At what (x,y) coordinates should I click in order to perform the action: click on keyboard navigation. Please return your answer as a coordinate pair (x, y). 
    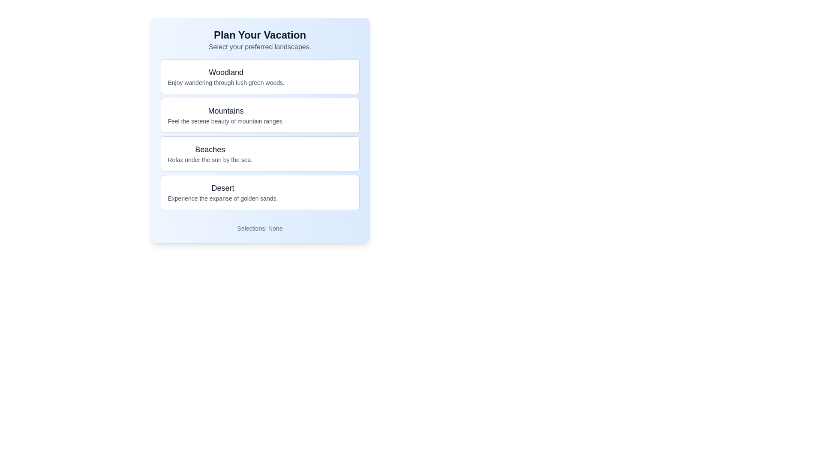
    Looking at the image, I should click on (210, 153).